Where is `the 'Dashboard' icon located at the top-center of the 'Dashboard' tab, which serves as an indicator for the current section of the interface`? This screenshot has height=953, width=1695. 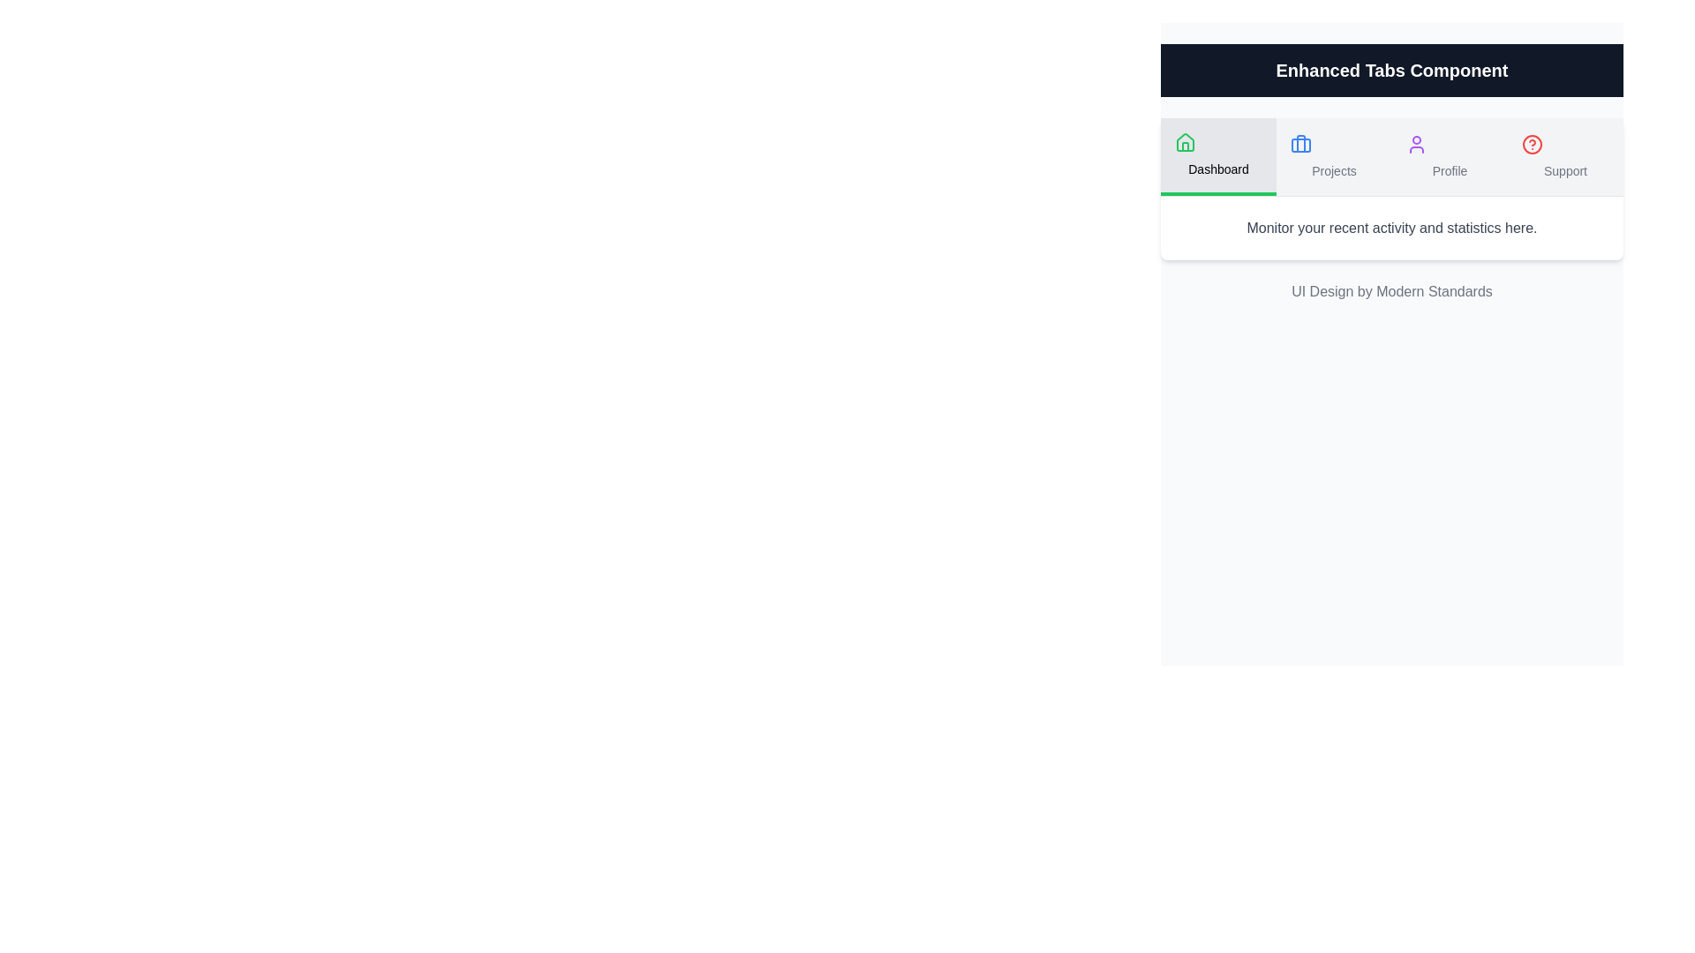
the 'Dashboard' icon located at the top-center of the 'Dashboard' tab, which serves as an indicator for the current section of the interface is located at coordinates (1186, 142).